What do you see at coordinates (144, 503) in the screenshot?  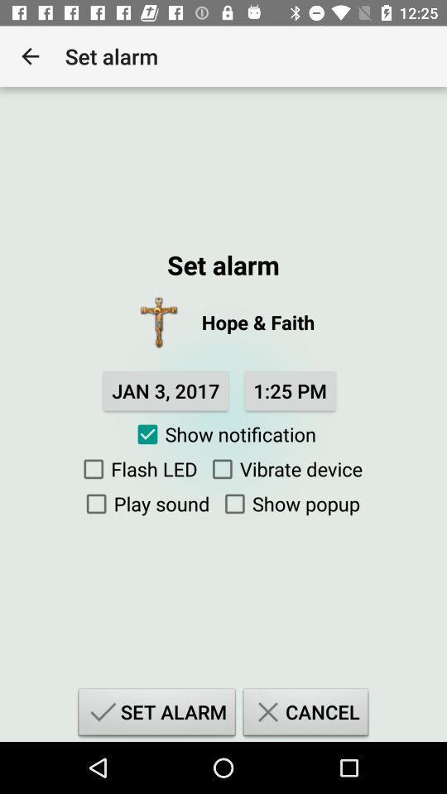 I see `item below flash led item` at bounding box center [144, 503].